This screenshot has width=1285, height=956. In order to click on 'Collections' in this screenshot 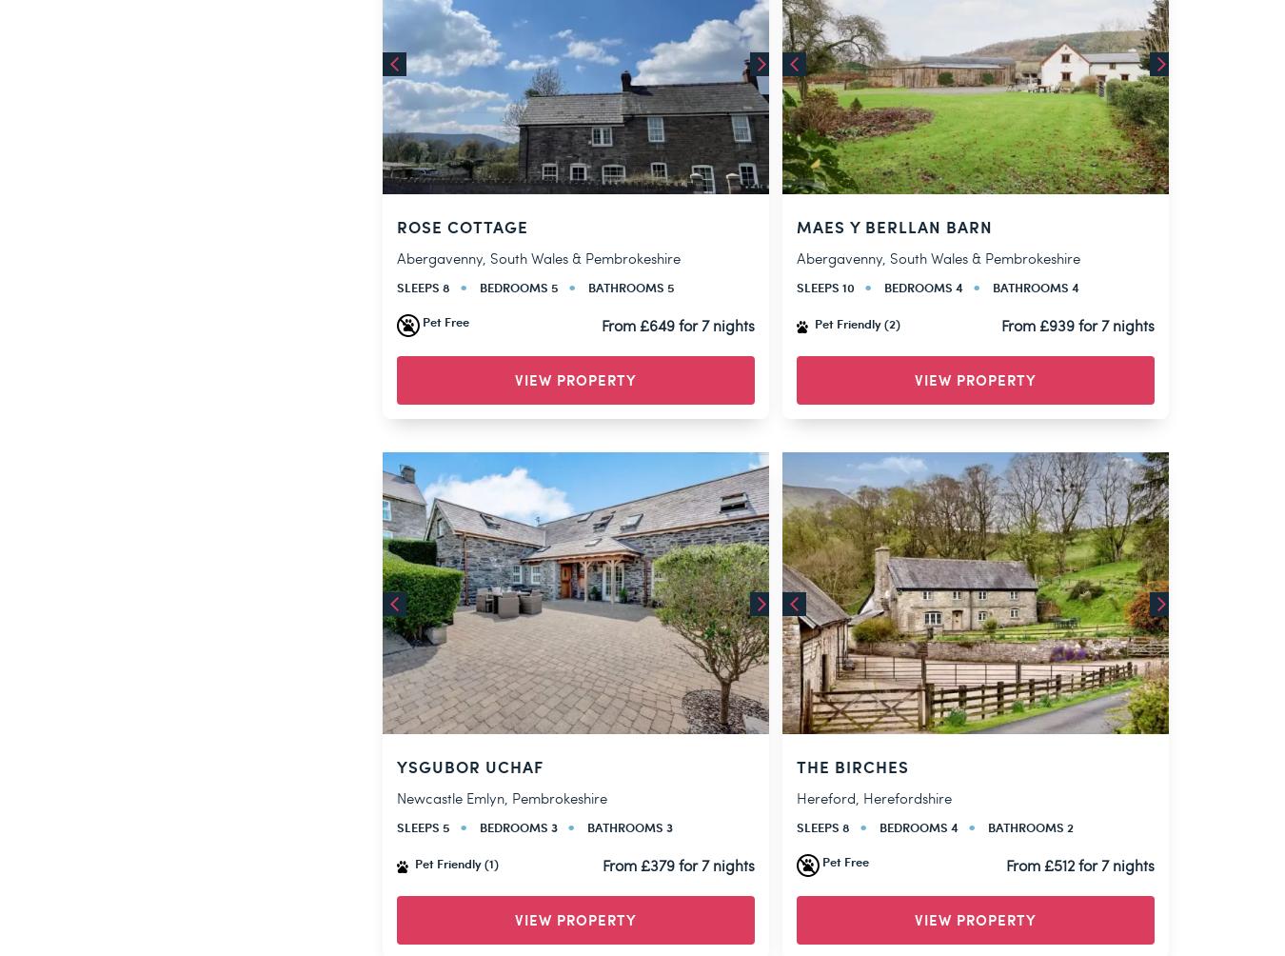, I will do `click(482, 722)`.